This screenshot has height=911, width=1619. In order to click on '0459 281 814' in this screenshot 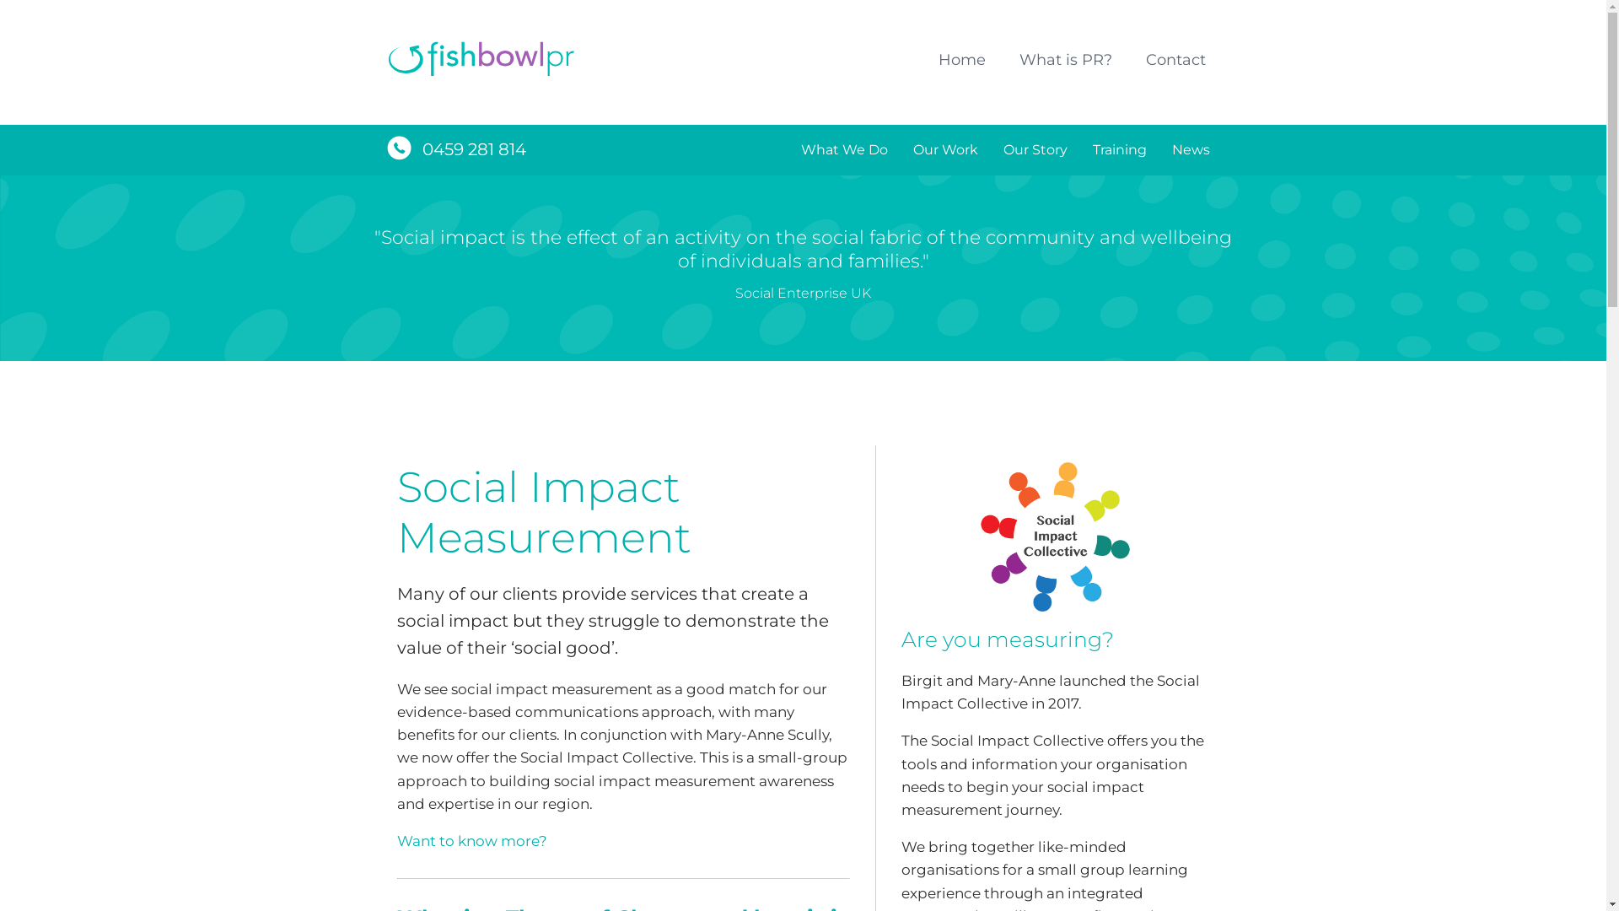, I will do `click(472, 148)`.